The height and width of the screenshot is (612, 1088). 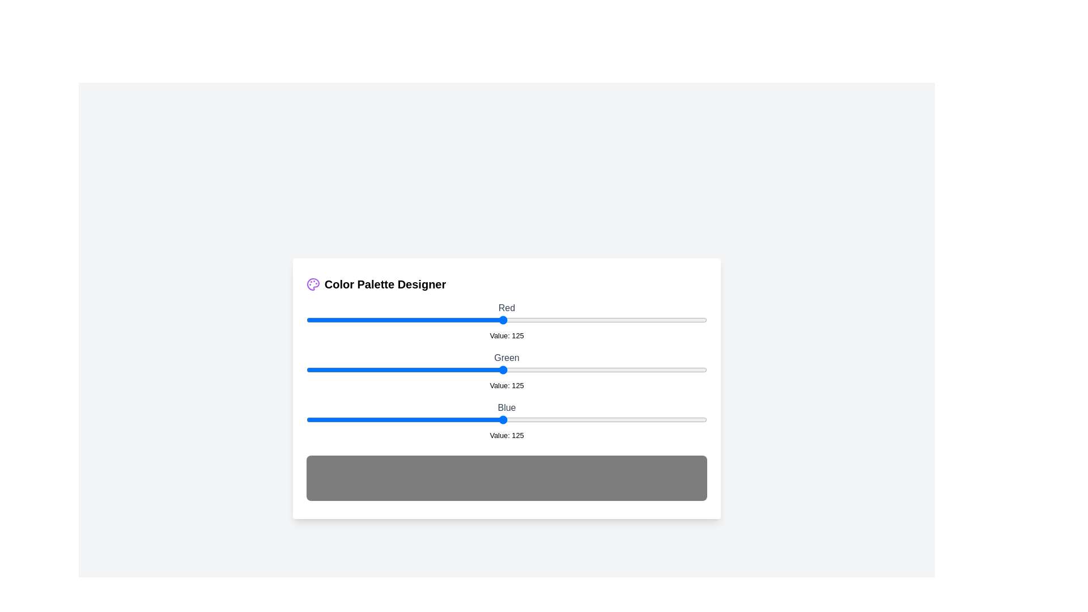 I want to click on the 0 slider to 245, so click(x=691, y=320).